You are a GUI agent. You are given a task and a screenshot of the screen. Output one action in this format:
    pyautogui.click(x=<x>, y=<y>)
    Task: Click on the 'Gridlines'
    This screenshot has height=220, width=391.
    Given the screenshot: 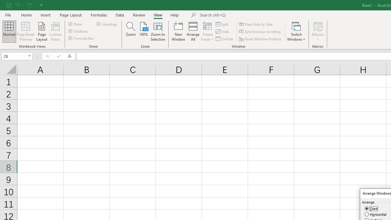 What is the action you would take?
    pyautogui.click(x=78, y=31)
    